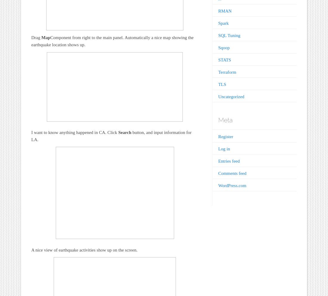 The height and width of the screenshot is (296, 328). Describe the element at coordinates (36, 38) in the screenshot. I see `'Drag'` at that location.